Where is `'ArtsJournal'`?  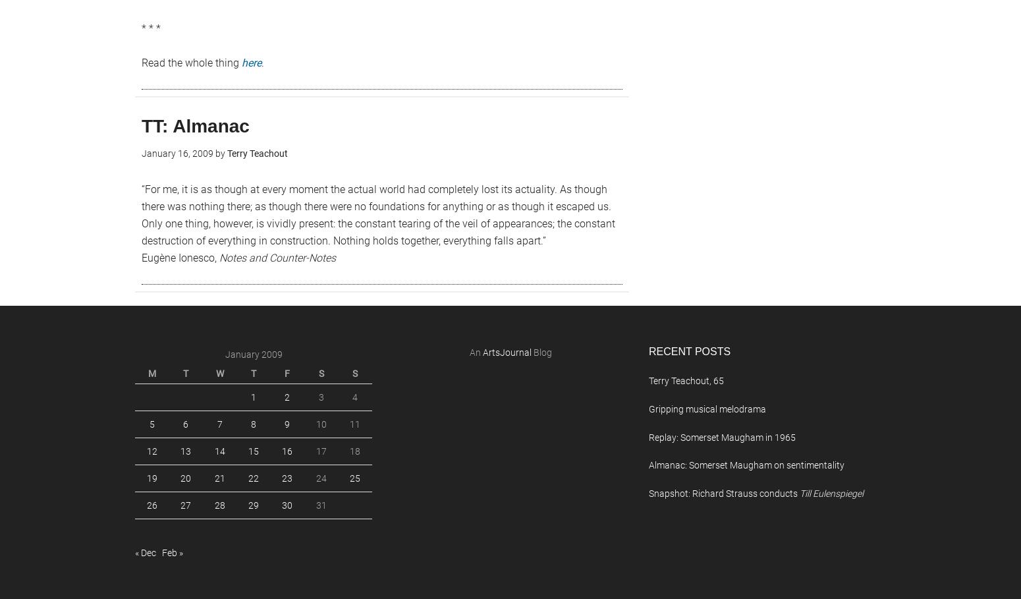
'ArtsJournal' is located at coordinates (482, 353).